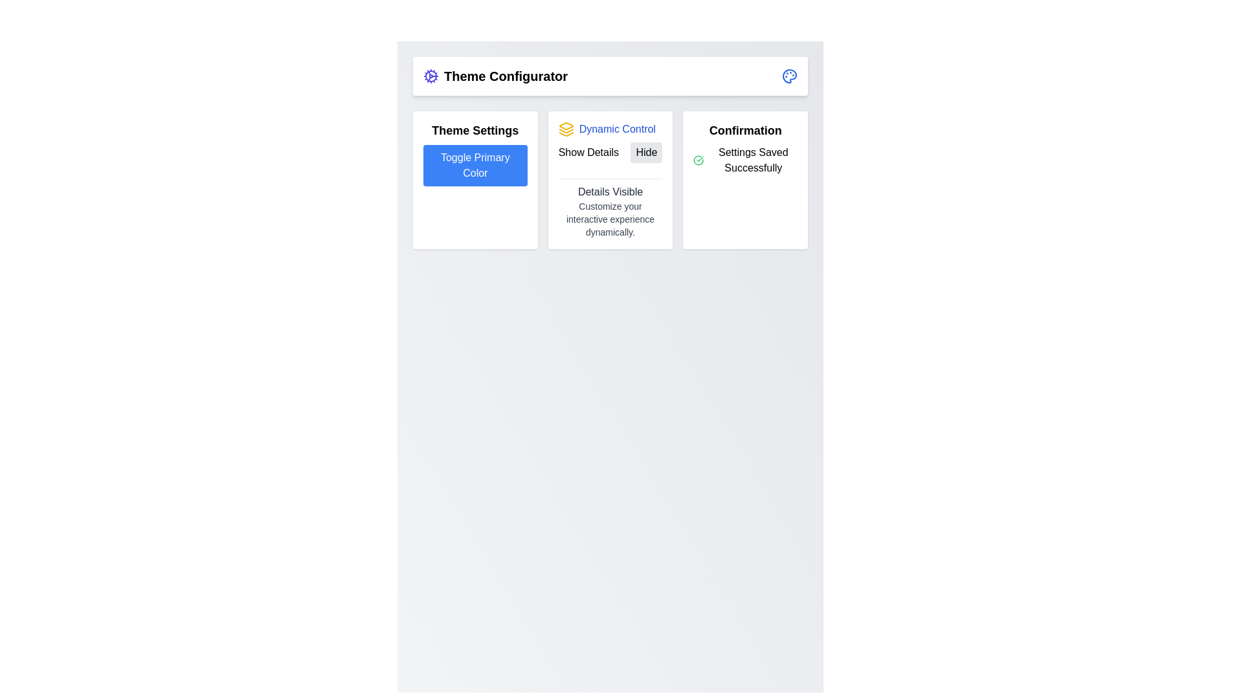 This screenshot has height=699, width=1243. What do you see at coordinates (475, 164) in the screenshot?
I see `the button located within the 'Theme Settings' card` at bounding box center [475, 164].